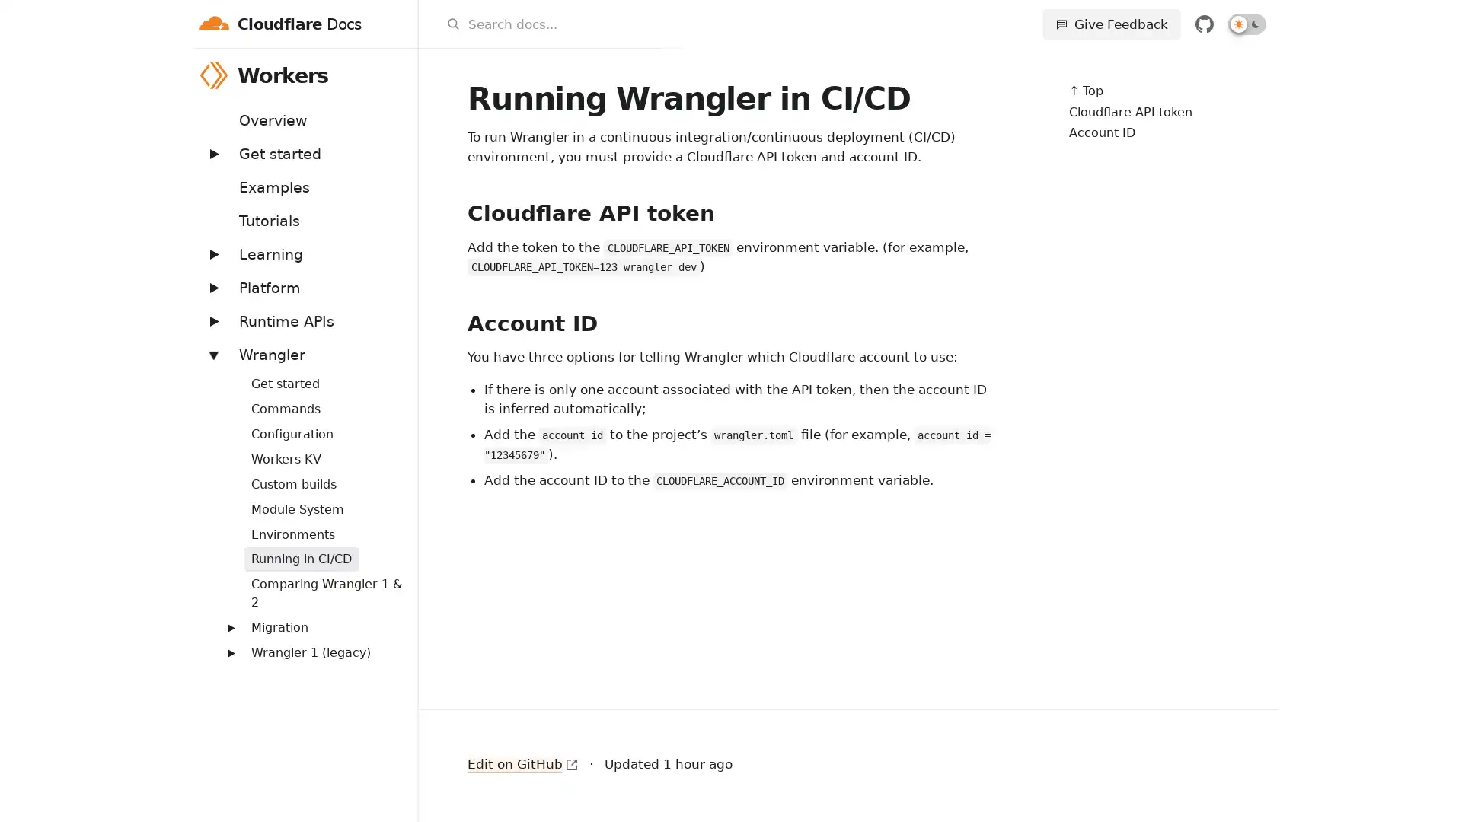 The width and height of the screenshot is (1462, 822). Describe the element at coordinates (222, 642) in the screenshot. I see `Expand: Routing` at that location.